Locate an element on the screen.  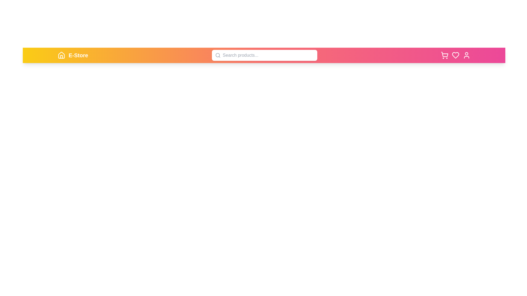
the heart icon to view saved items is located at coordinates (456, 55).